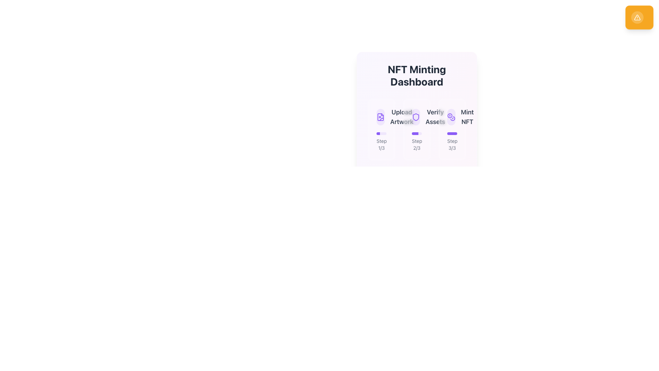 This screenshot has height=371, width=659. What do you see at coordinates (381, 141) in the screenshot?
I see `the static text label displaying 'Step 1/3' located below the violet progress bar in the 'Upload Artwork' card structure` at bounding box center [381, 141].